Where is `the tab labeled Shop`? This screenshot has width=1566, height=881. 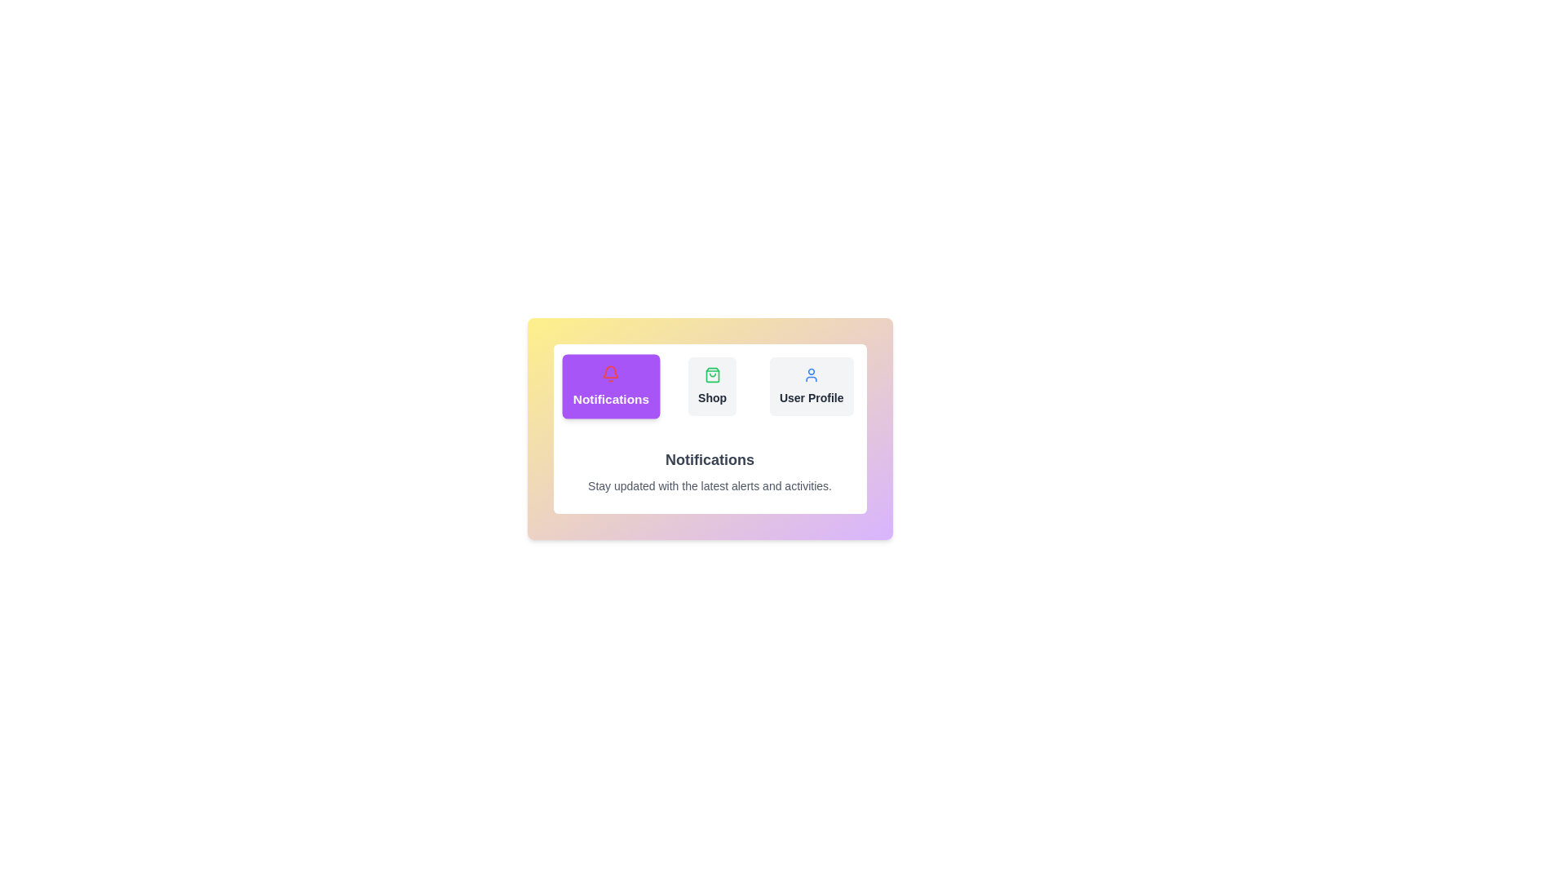
the tab labeled Shop is located at coordinates (712, 387).